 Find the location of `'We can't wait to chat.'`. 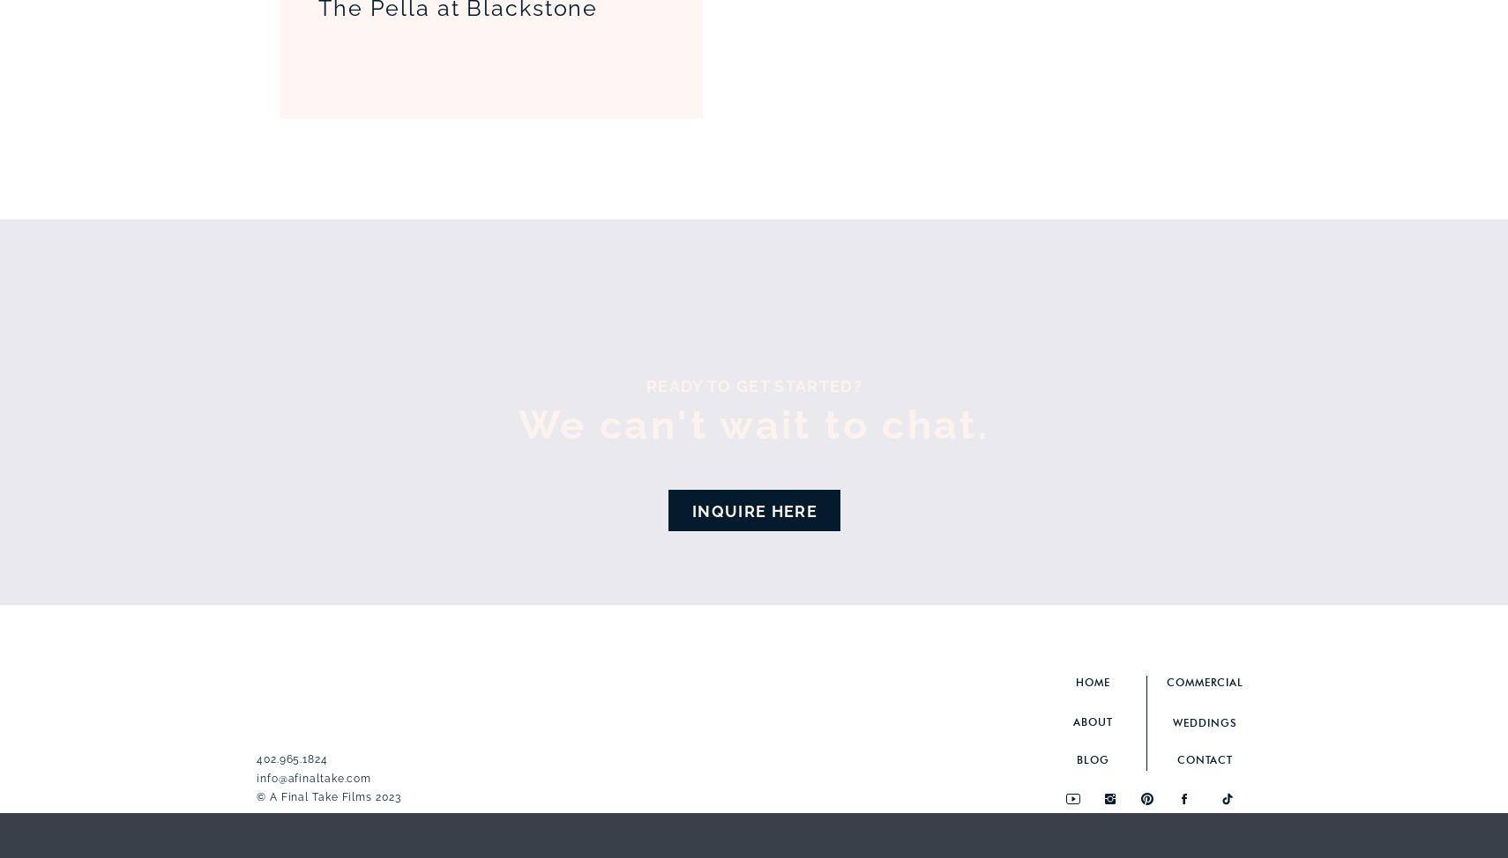

'We can't wait to chat.' is located at coordinates (518, 424).